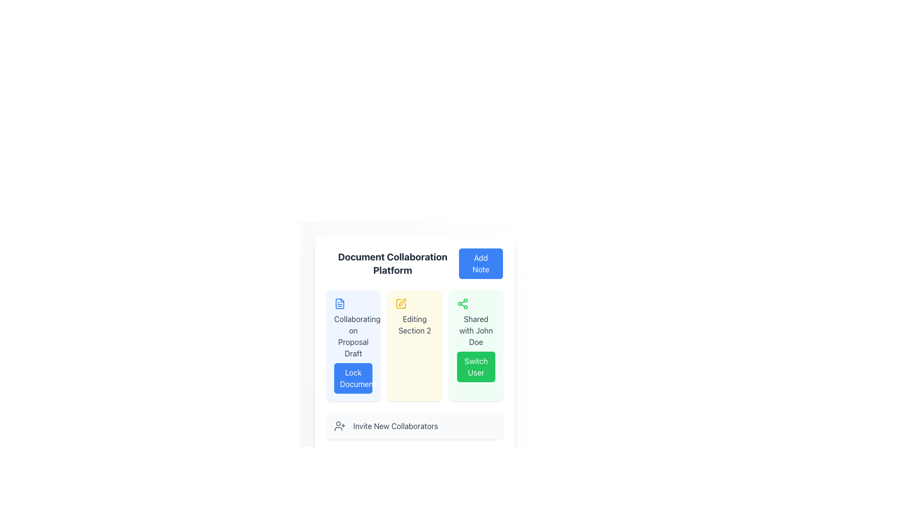  What do you see at coordinates (401, 304) in the screenshot?
I see `the representation of the yellow pen-shaped icon located in the 'Editing Section 2' panel, positioned centrally at the top region of this section` at bounding box center [401, 304].